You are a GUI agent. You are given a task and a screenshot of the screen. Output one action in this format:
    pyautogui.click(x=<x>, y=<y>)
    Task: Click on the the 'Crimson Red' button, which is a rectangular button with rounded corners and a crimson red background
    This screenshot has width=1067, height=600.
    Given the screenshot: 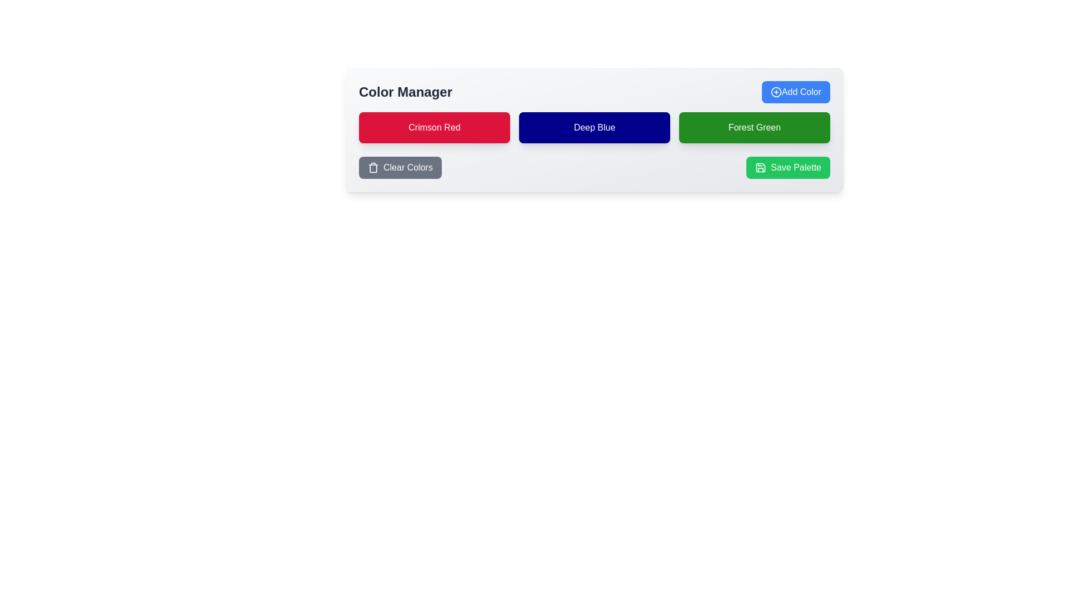 What is the action you would take?
    pyautogui.click(x=434, y=127)
    